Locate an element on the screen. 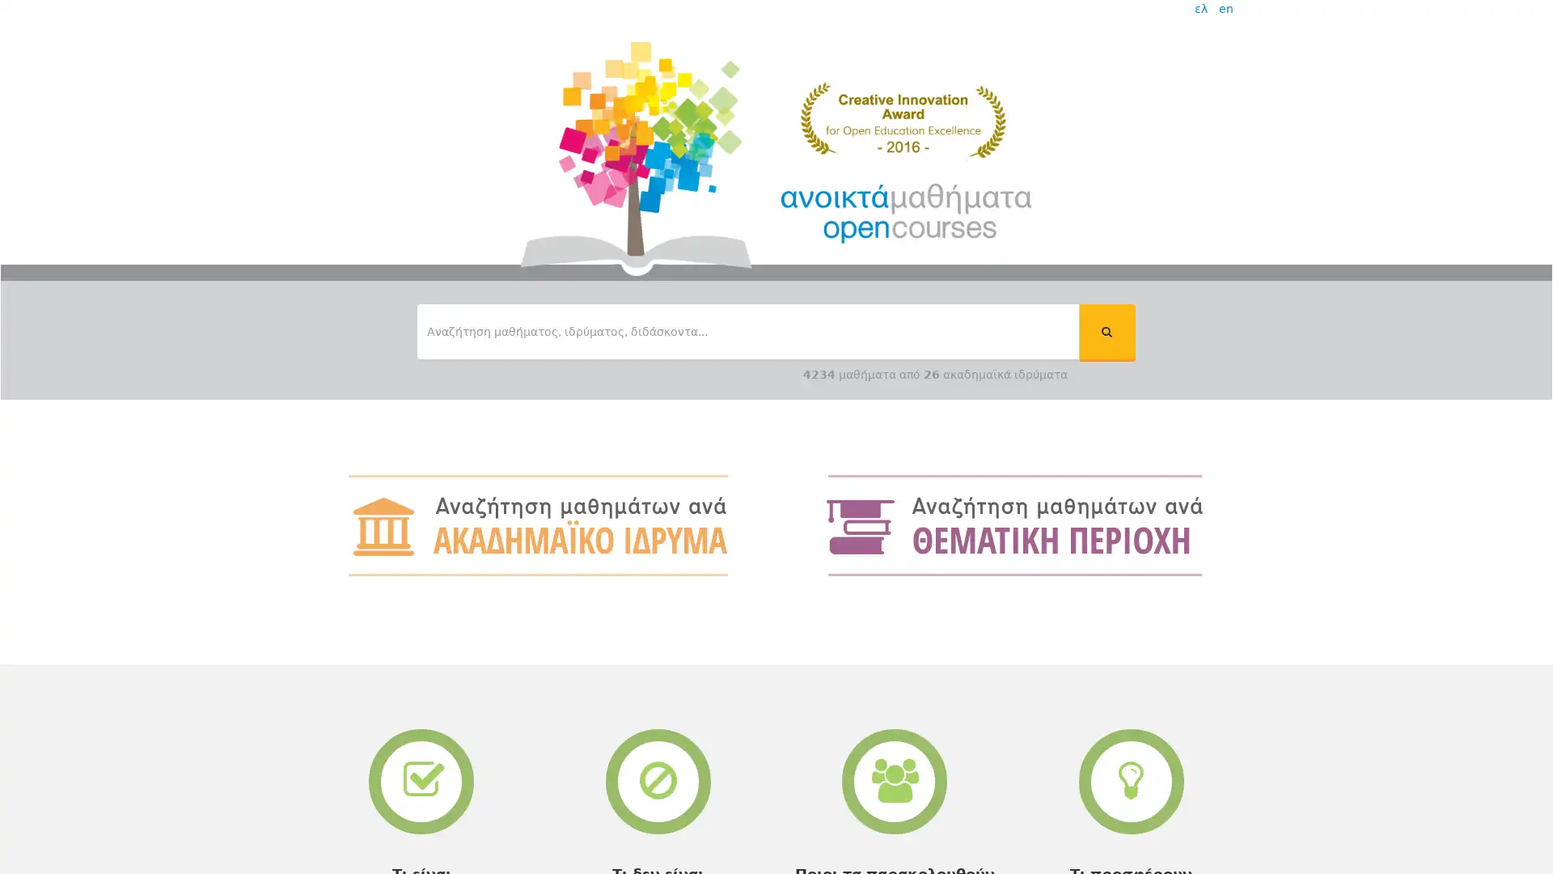 Image resolution: width=1553 pixels, height=874 pixels. ui-button is located at coordinates (1106, 330).